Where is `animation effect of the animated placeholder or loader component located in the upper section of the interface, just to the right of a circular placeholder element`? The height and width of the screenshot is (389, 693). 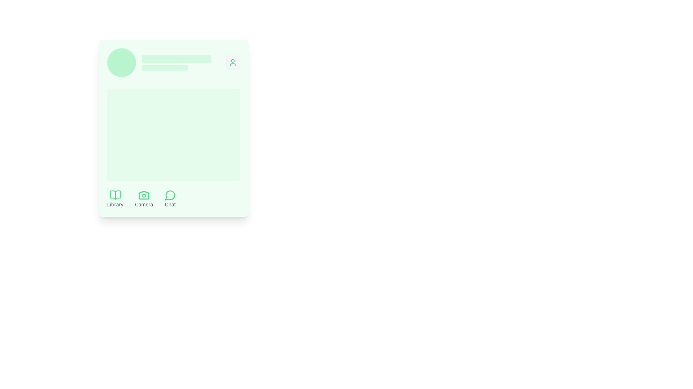
animation effect of the animated placeholder or loader component located in the upper section of the interface, just to the right of a circular placeholder element is located at coordinates (176, 62).